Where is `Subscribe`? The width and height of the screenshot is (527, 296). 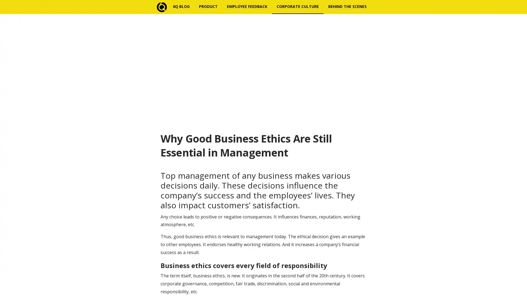
Subscribe is located at coordinates (324, 288).